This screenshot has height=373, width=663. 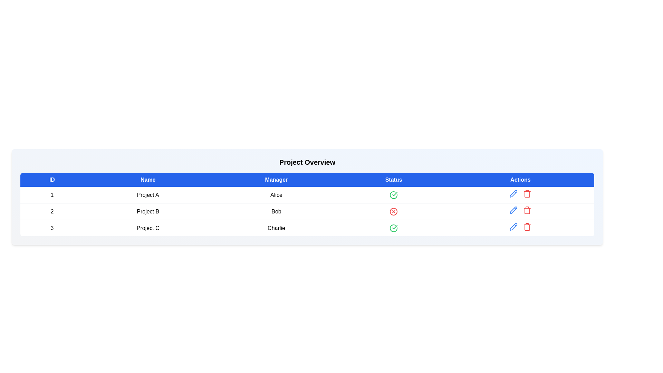 I want to click on the text label displaying the name 'Bob' in the 'Manager' column of the table, so click(x=276, y=211).